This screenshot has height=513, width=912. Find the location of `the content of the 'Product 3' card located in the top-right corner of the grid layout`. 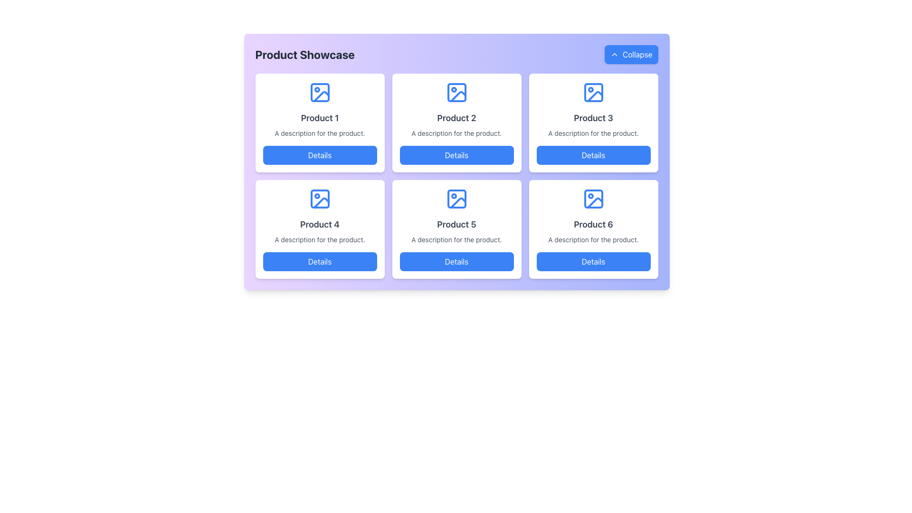

the content of the 'Product 3' card located in the top-right corner of the grid layout is located at coordinates (593, 122).